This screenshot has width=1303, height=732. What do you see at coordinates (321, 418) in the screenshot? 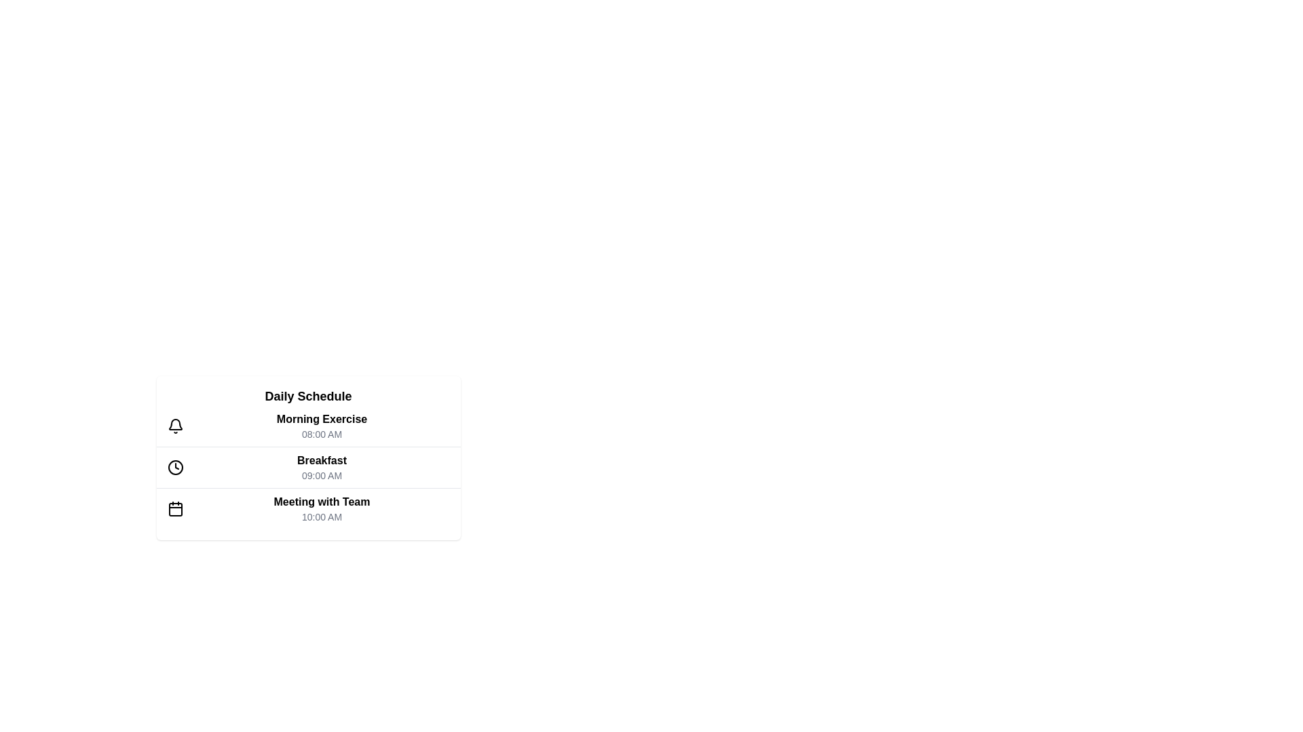
I see `the Text Label that describes the scheduled event, located in the first row of the task list below 'Daily Schedule' and above '08:00 AM'` at bounding box center [321, 418].